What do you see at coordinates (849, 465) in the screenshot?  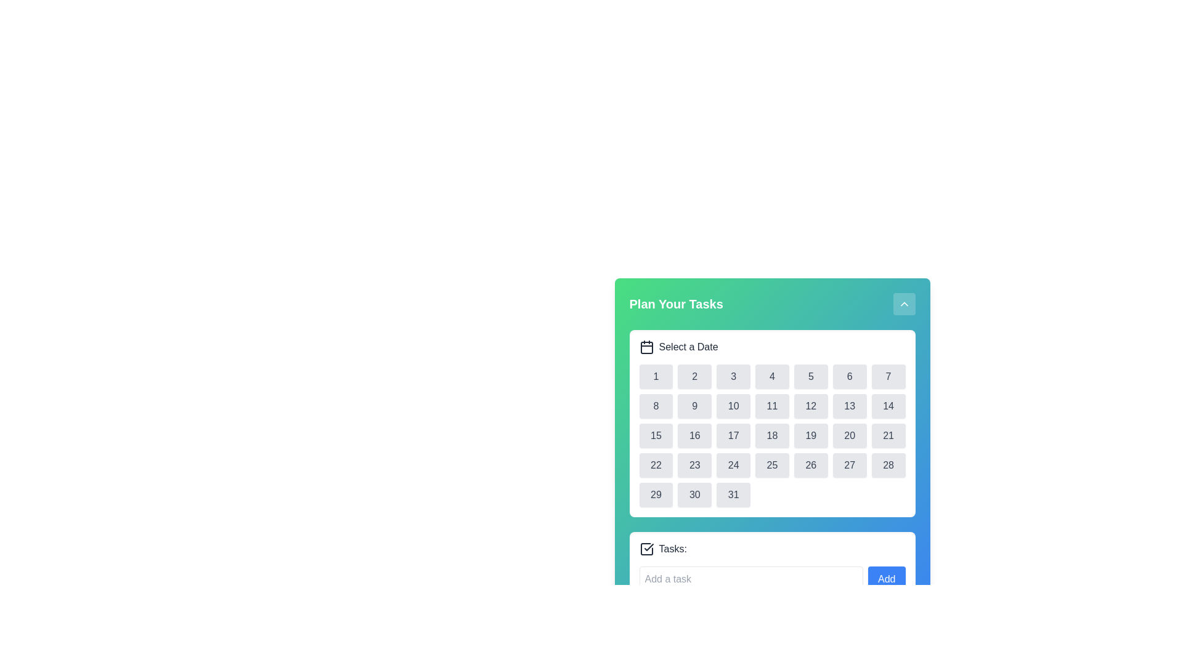 I see `the button displaying the number '27' in the calendar grid` at bounding box center [849, 465].